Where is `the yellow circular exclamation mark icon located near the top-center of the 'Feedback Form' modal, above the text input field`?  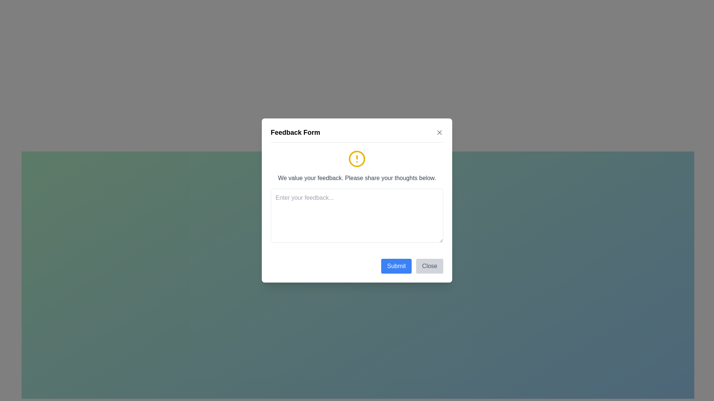
the yellow circular exclamation mark icon located near the top-center of the 'Feedback Form' modal, above the text input field is located at coordinates (357, 159).